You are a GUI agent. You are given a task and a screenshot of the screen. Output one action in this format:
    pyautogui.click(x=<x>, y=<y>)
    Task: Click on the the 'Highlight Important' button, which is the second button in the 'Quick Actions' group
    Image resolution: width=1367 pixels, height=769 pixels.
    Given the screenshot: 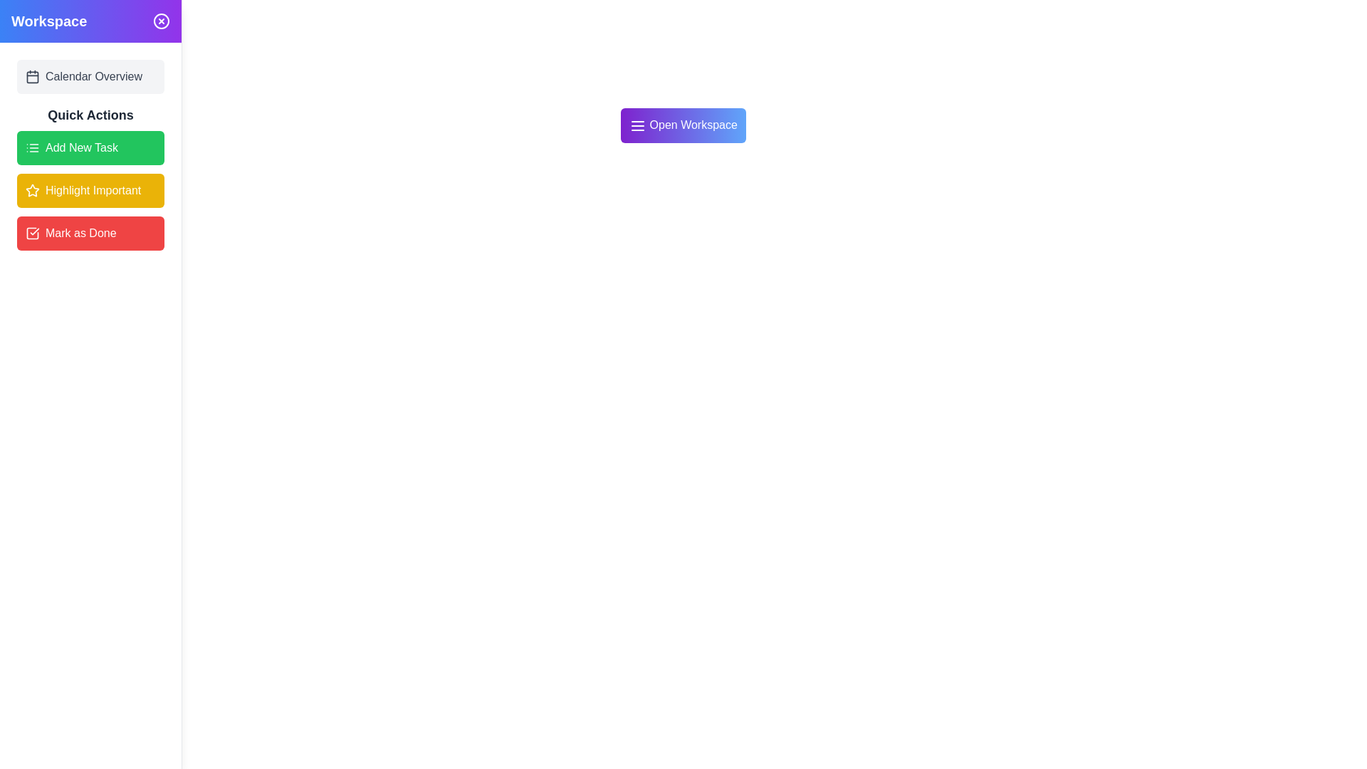 What is the action you would take?
    pyautogui.click(x=90, y=189)
    